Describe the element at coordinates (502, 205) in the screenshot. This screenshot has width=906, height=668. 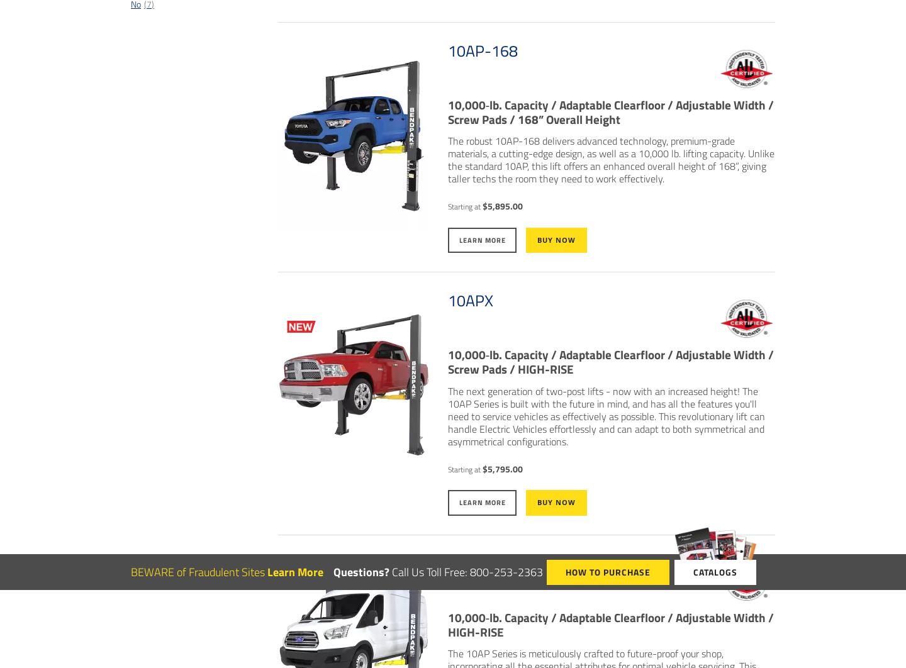
I see `'$5,895.00'` at that location.